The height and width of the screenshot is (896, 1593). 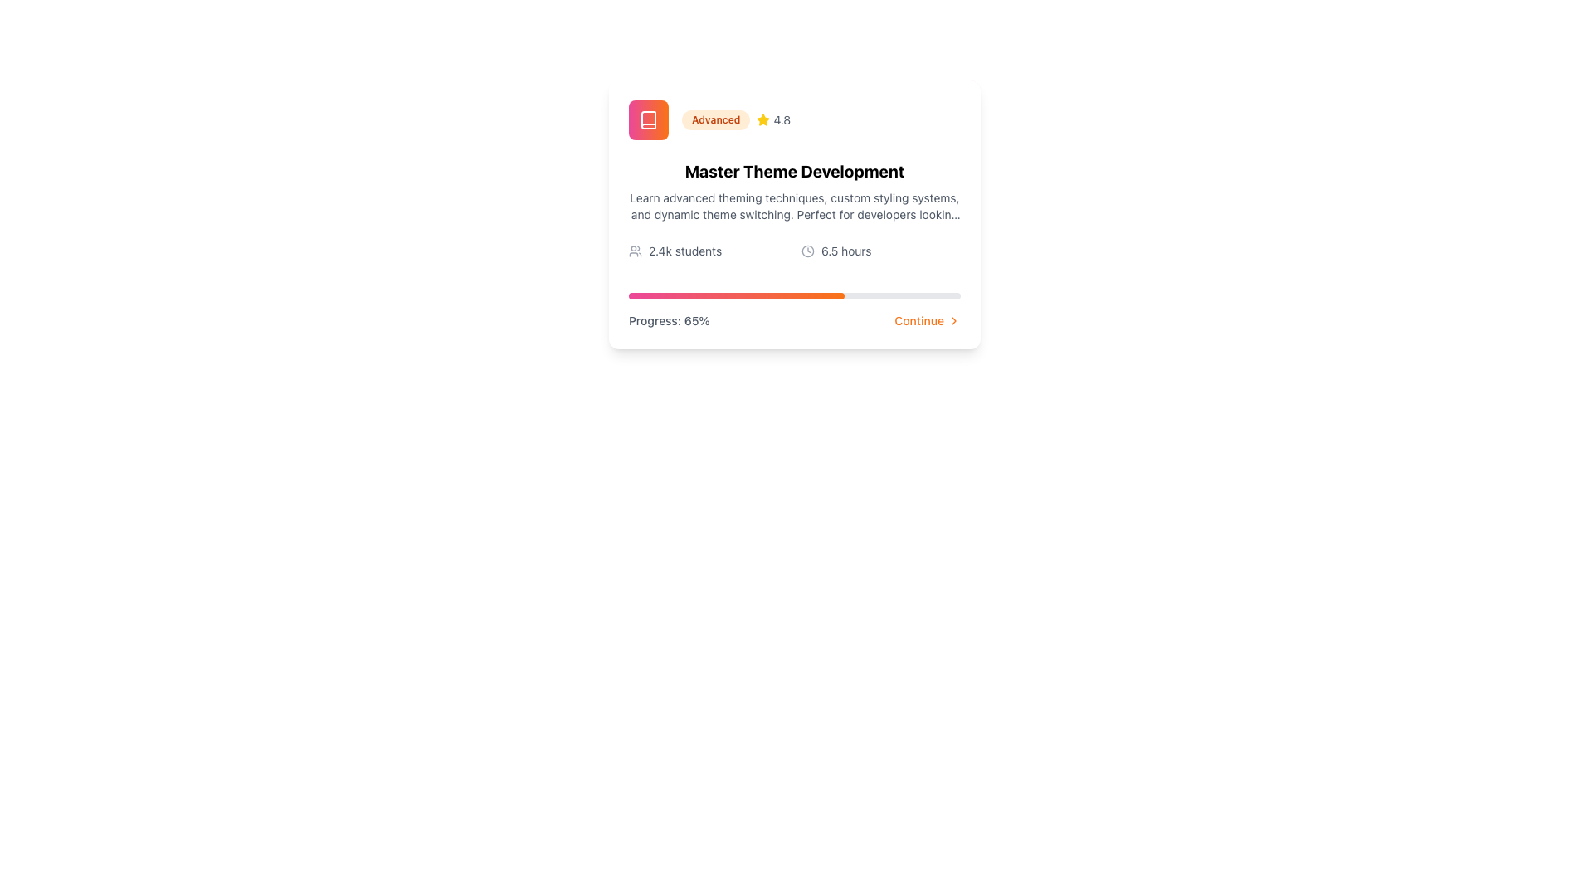 What do you see at coordinates (736, 295) in the screenshot?
I see `the progress indicator element, which is a pink to orange gradient progress bar segment representing 65% completion, located below the text 'Progress: 65%' and above the 'Continue' button` at bounding box center [736, 295].